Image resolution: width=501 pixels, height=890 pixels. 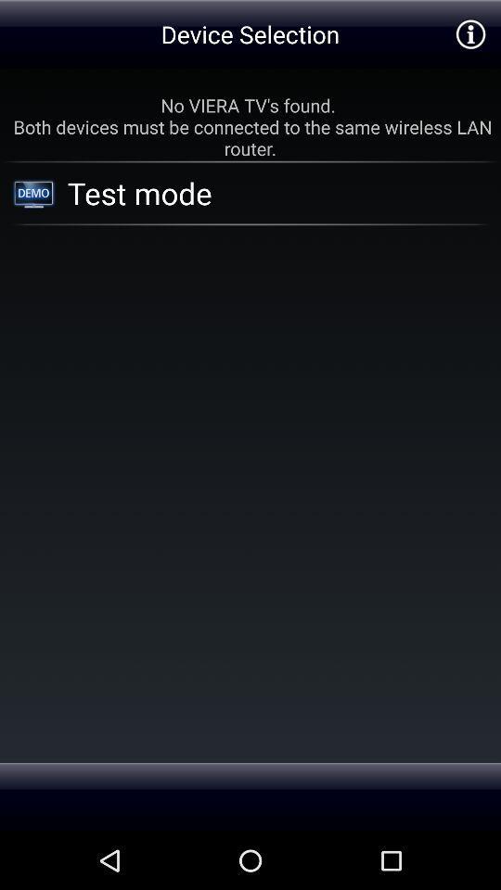 I want to click on the item at the top right corner, so click(x=470, y=32).